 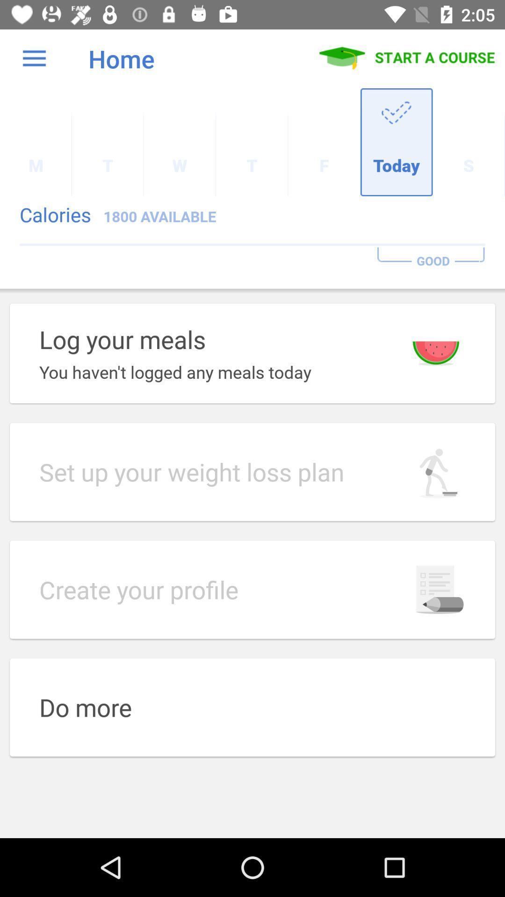 What do you see at coordinates (407, 58) in the screenshot?
I see `start a course` at bounding box center [407, 58].